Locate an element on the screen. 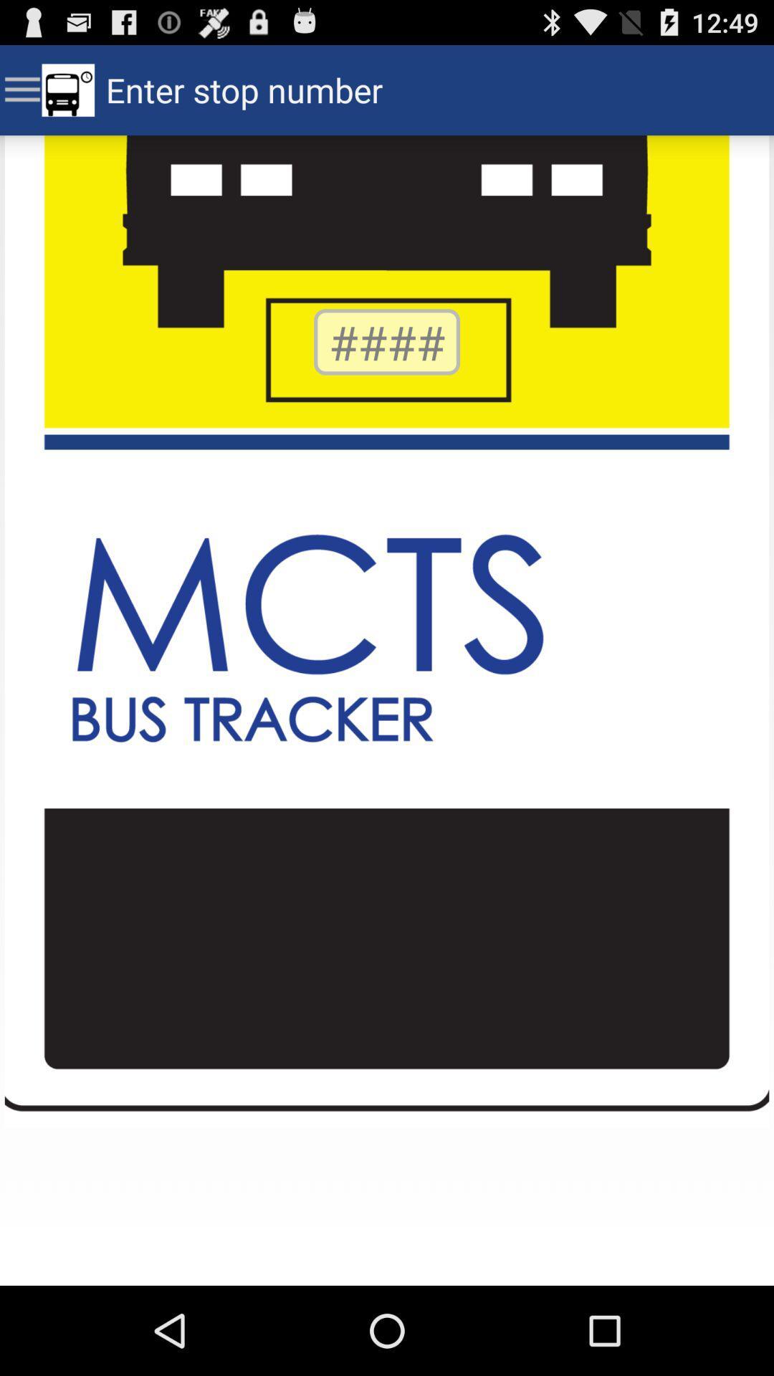 The image size is (774, 1376). number is located at coordinates (387, 341).